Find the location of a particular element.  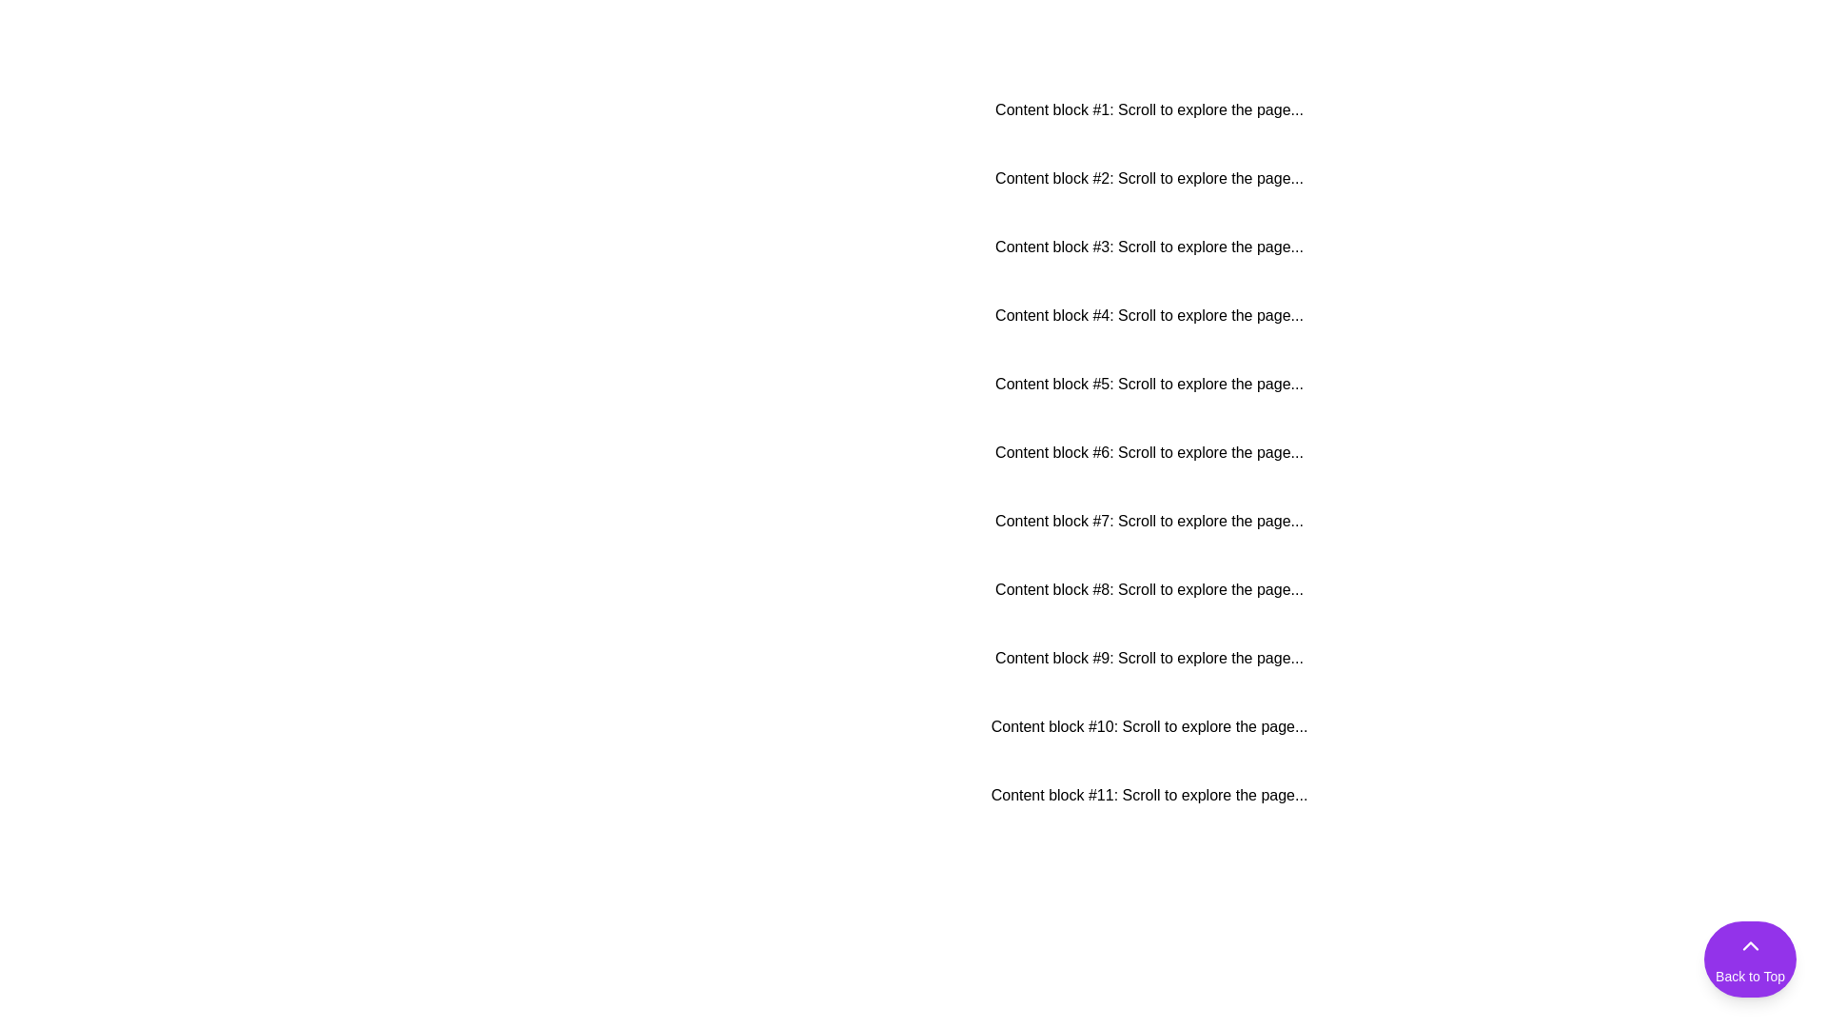

the 11th item in the vertically stacked list of static text elements, which is positioned between 'Content block #10' and 'Content block #12' is located at coordinates (1149, 796).